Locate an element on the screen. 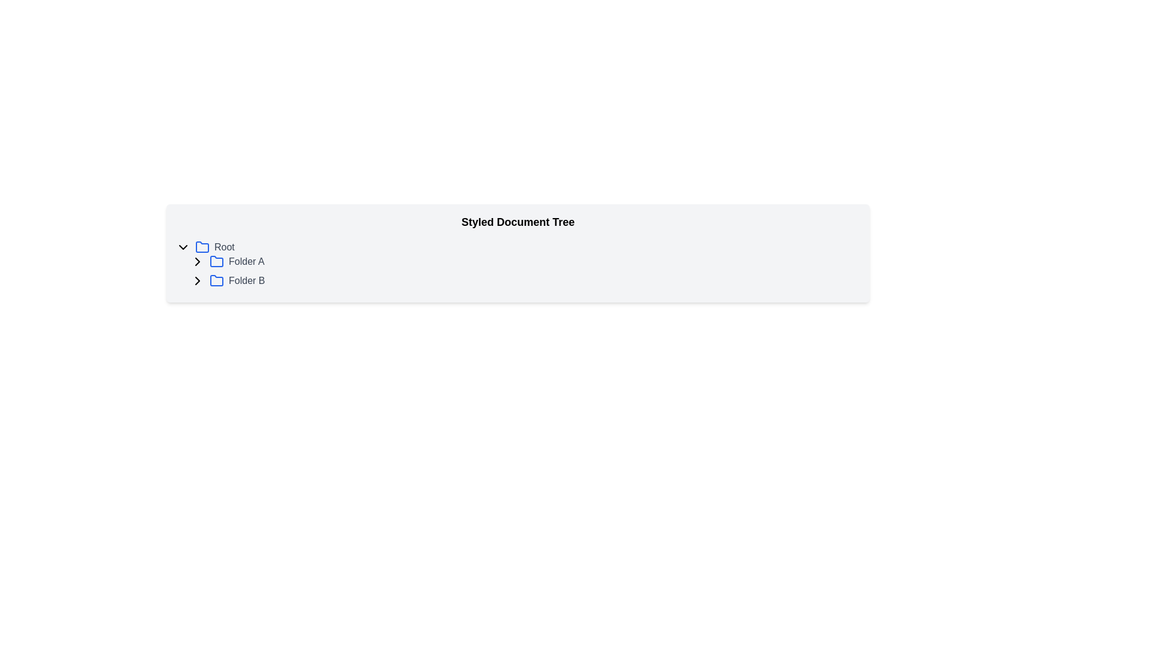 Image resolution: width=1150 pixels, height=647 pixels. the blue folder icon located is located at coordinates (216, 280).